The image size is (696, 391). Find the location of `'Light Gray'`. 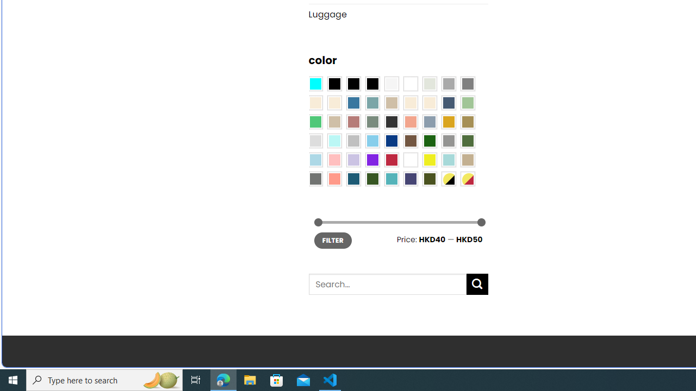

'Light Gray' is located at coordinates (314, 140).